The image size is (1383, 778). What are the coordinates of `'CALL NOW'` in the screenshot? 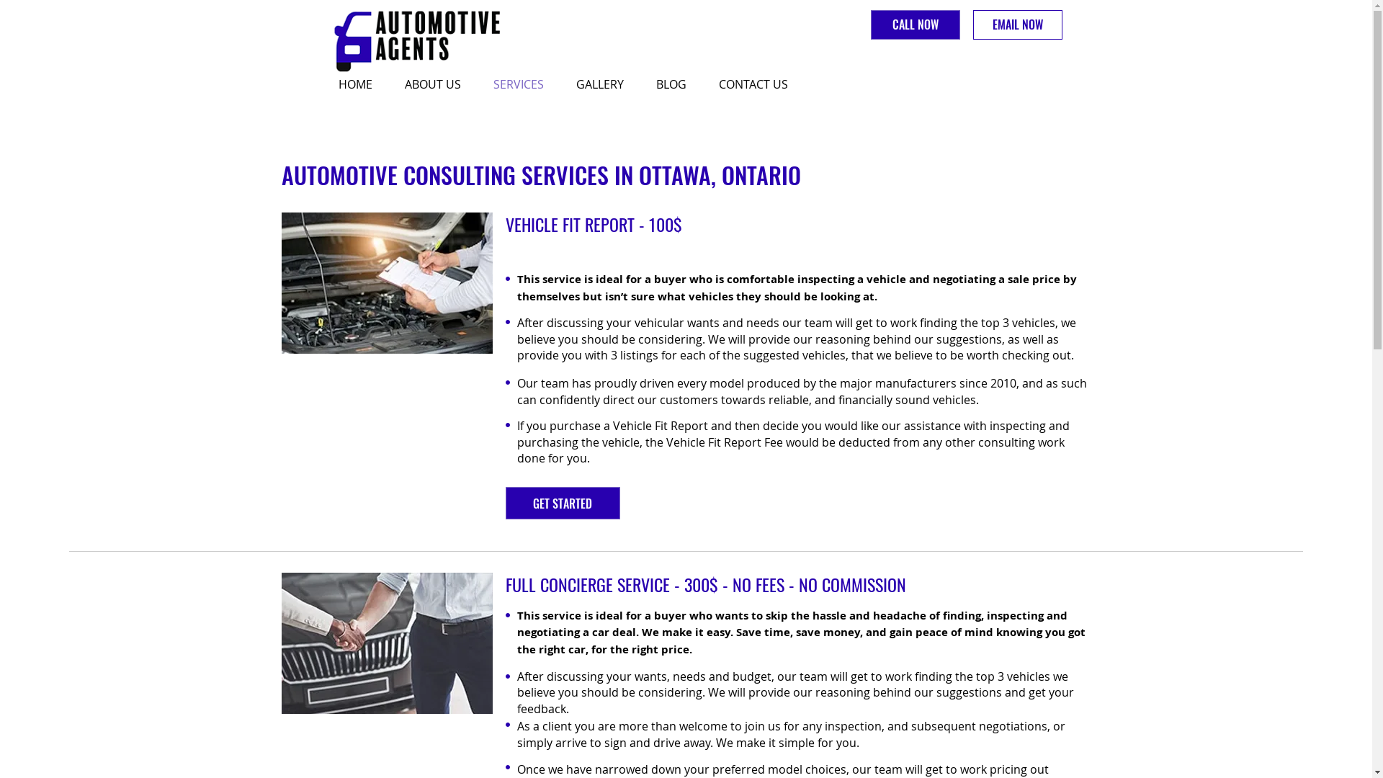 It's located at (914, 24).